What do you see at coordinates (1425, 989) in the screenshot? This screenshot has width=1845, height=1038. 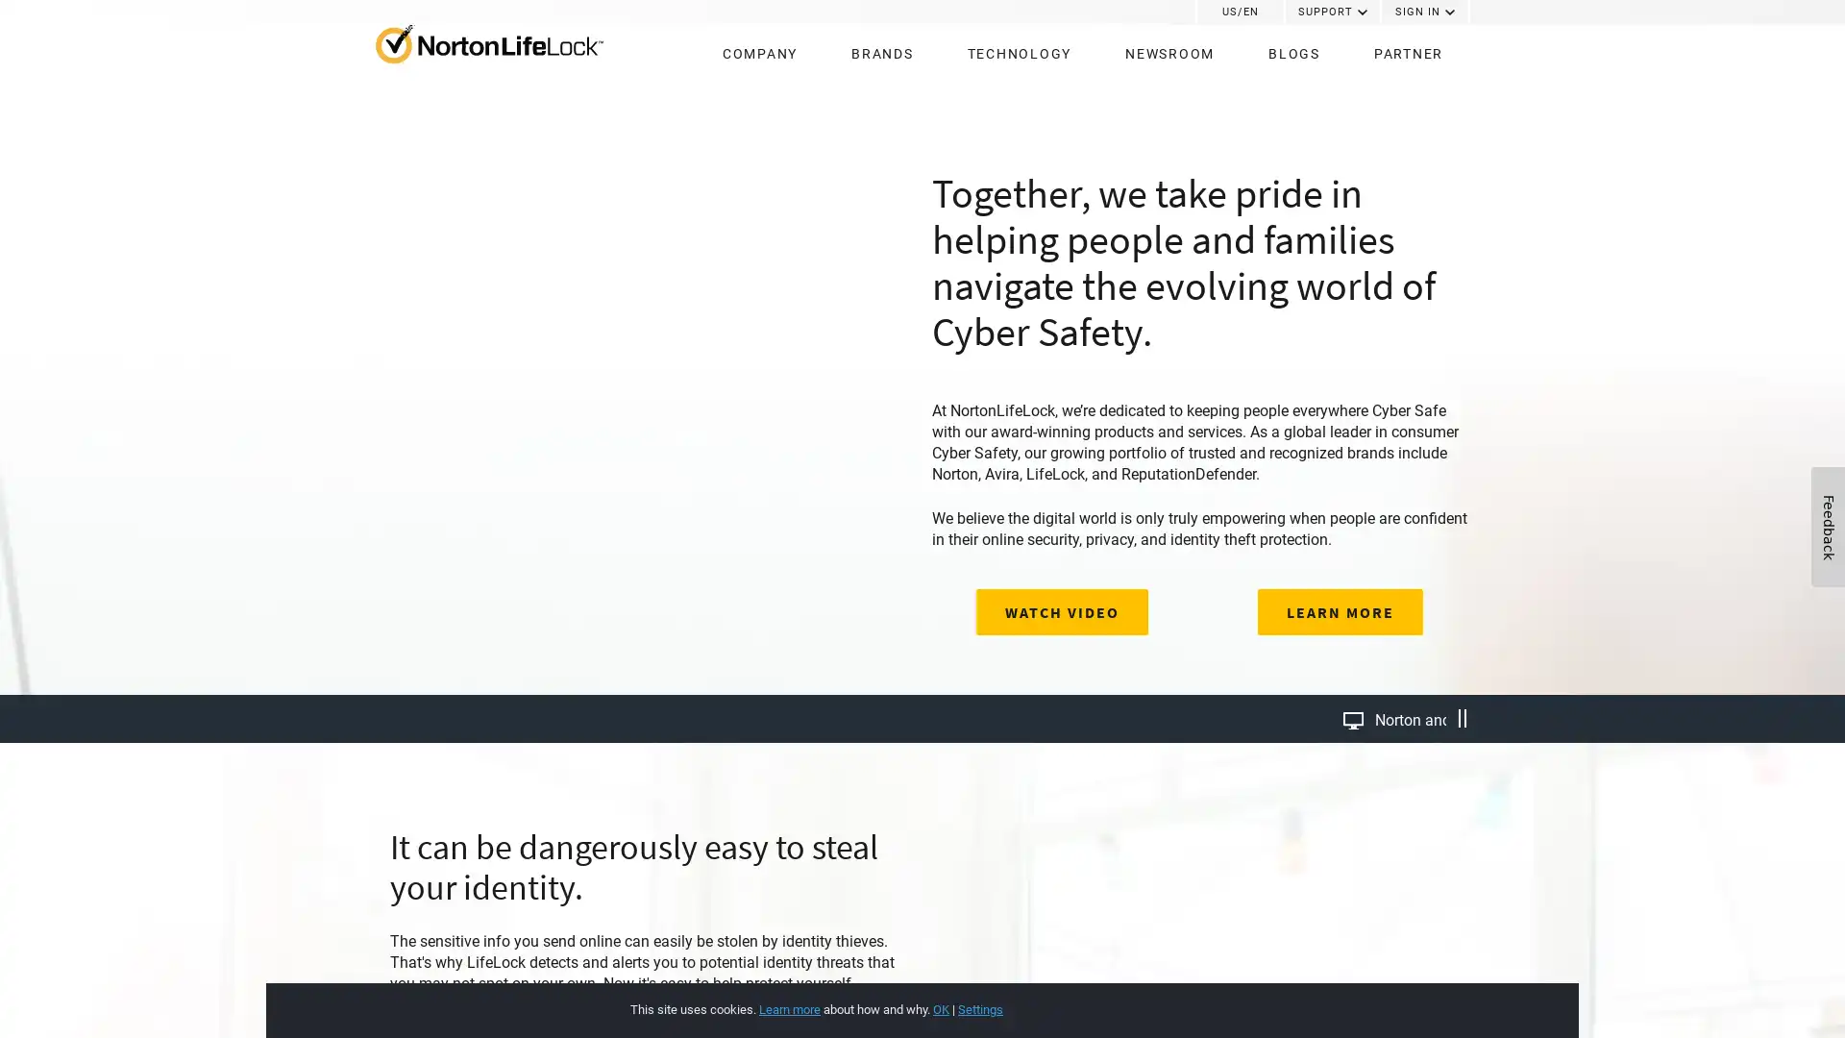 I see `Close consent Widget` at bounding box center [1425, 989].